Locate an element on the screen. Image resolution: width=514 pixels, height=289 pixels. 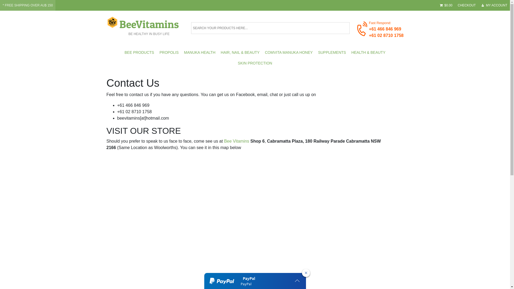
'HAIR, NAIL & BEAUTY' is located at coordinates (240, 52).